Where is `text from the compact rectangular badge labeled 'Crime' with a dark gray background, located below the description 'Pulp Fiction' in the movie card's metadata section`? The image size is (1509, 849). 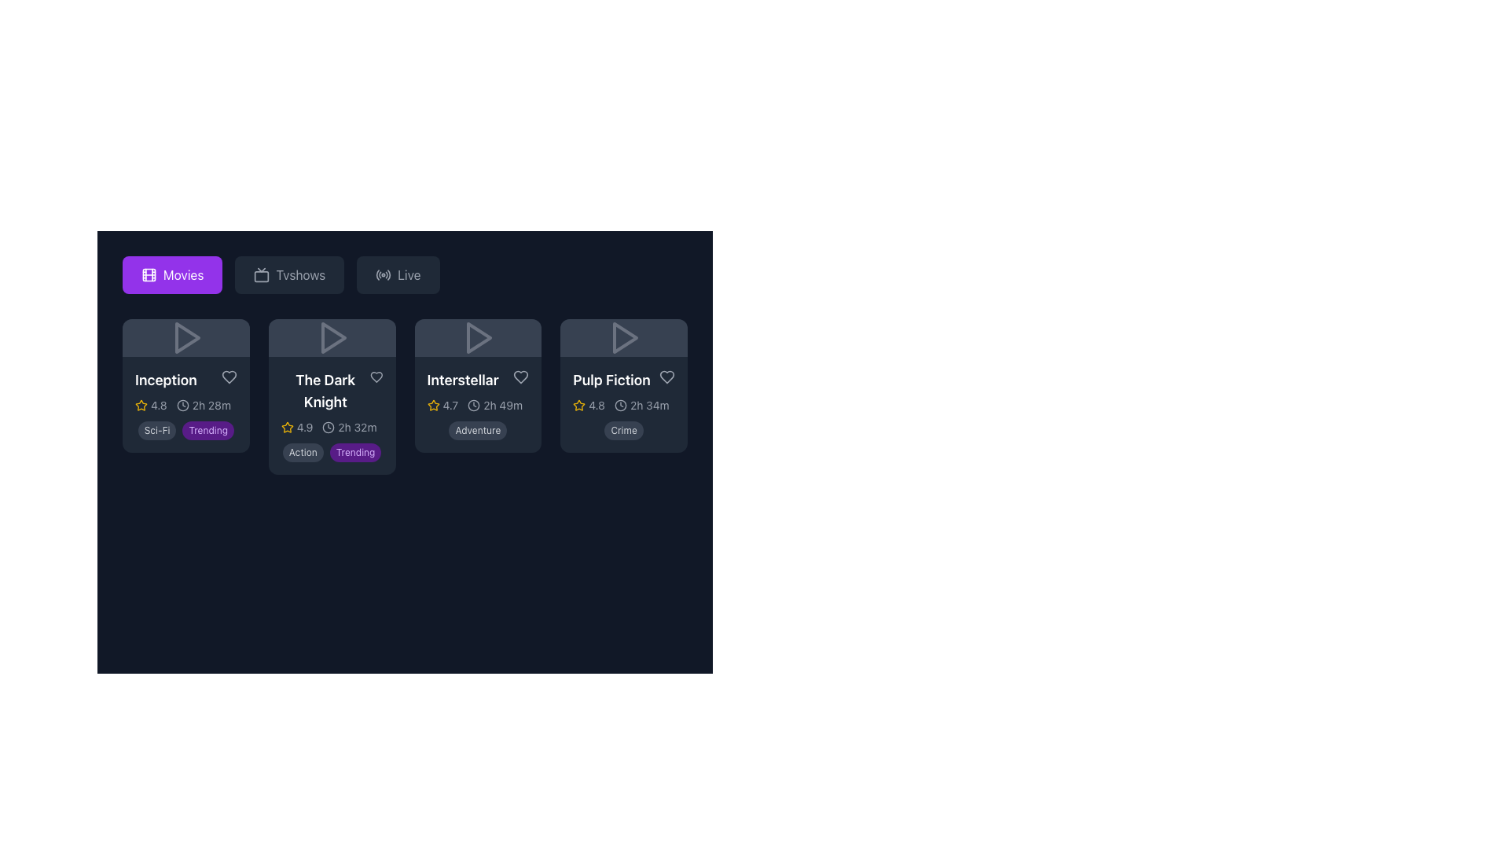 text from the compact rectangular badge labeled 'Crime' with a dark gray background, located below the description 'Pulp Fiction' in the movie card's metadata section is located at coordinates (623, 430).